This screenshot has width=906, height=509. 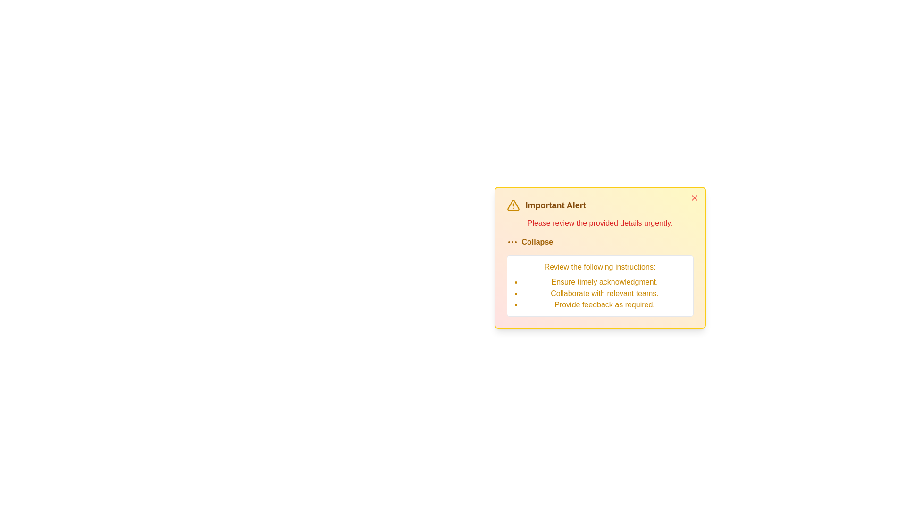 I want to click on the 'Collapse' button to toggle the visibility of detailed instructions, so click(x=529, y=241).